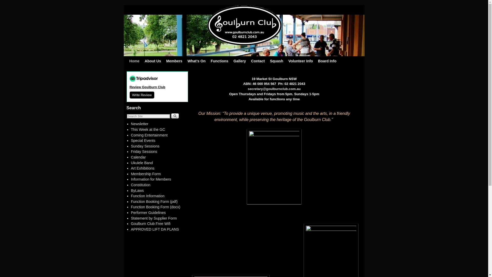  I want to click on 'Statement by Supplier Form', so click(131, 218).